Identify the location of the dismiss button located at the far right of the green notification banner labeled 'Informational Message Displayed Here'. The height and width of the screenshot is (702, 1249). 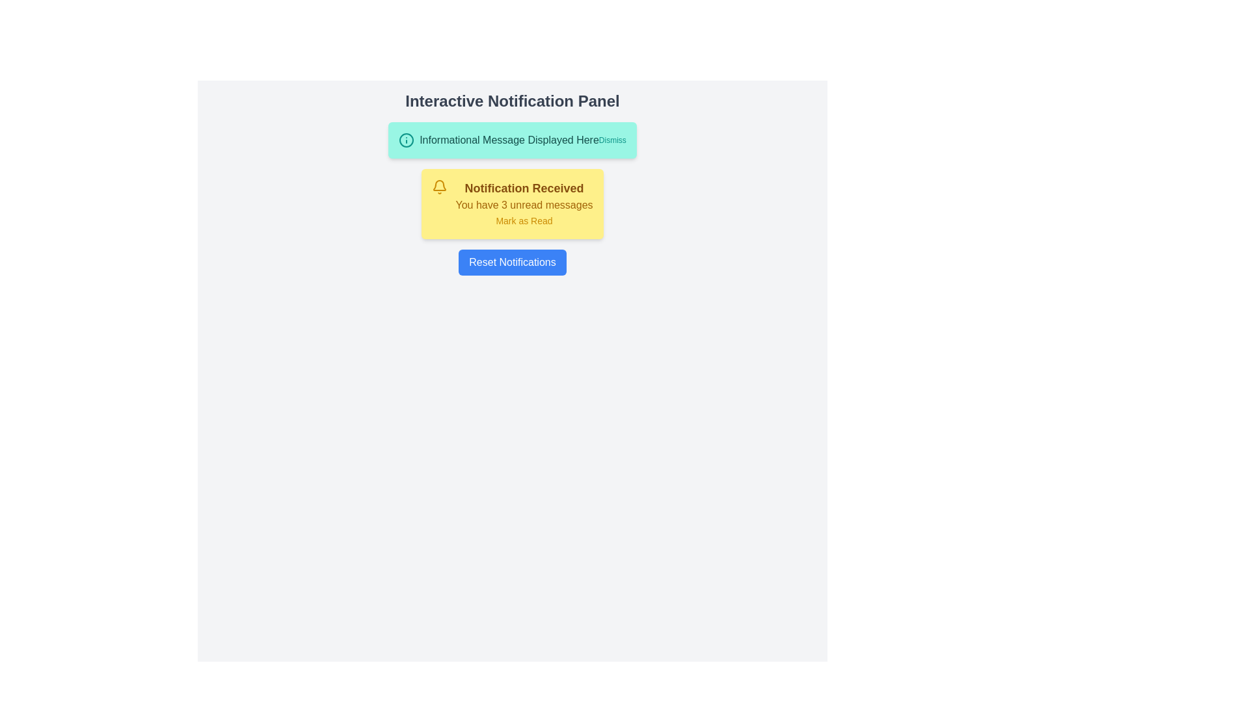
(611, 140).